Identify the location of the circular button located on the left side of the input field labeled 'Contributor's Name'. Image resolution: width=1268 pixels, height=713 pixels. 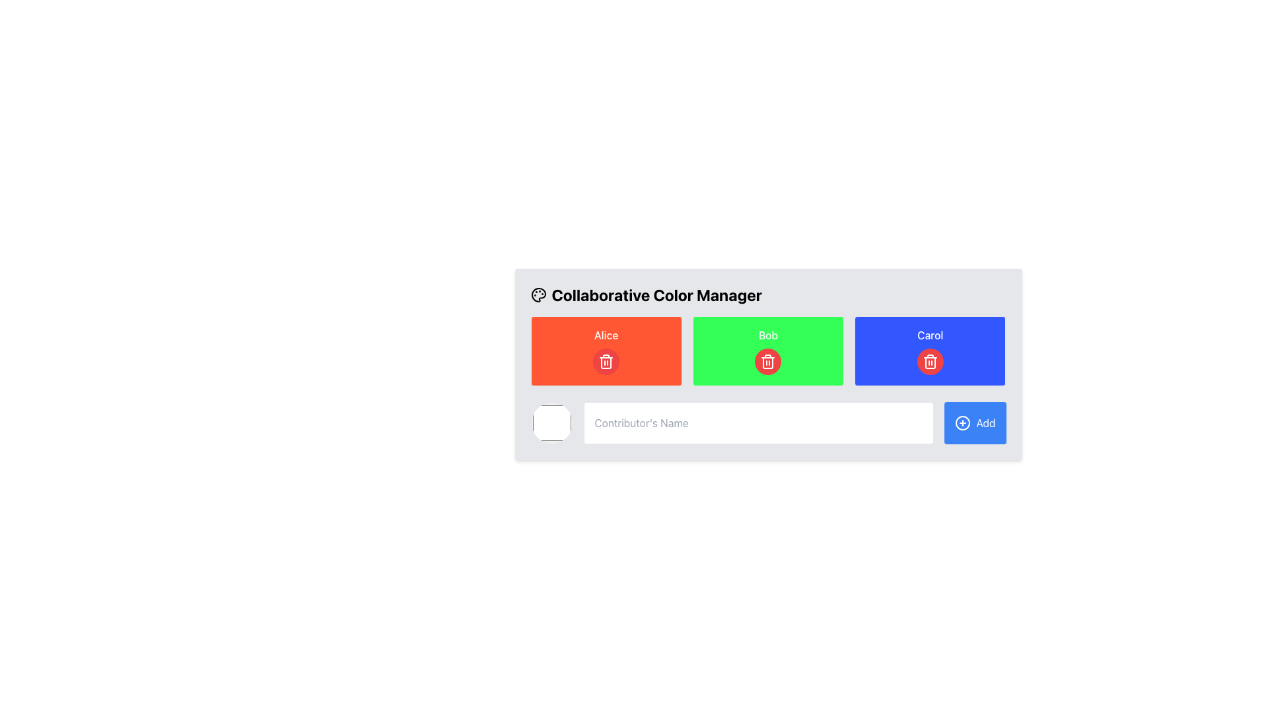
(551, 423).